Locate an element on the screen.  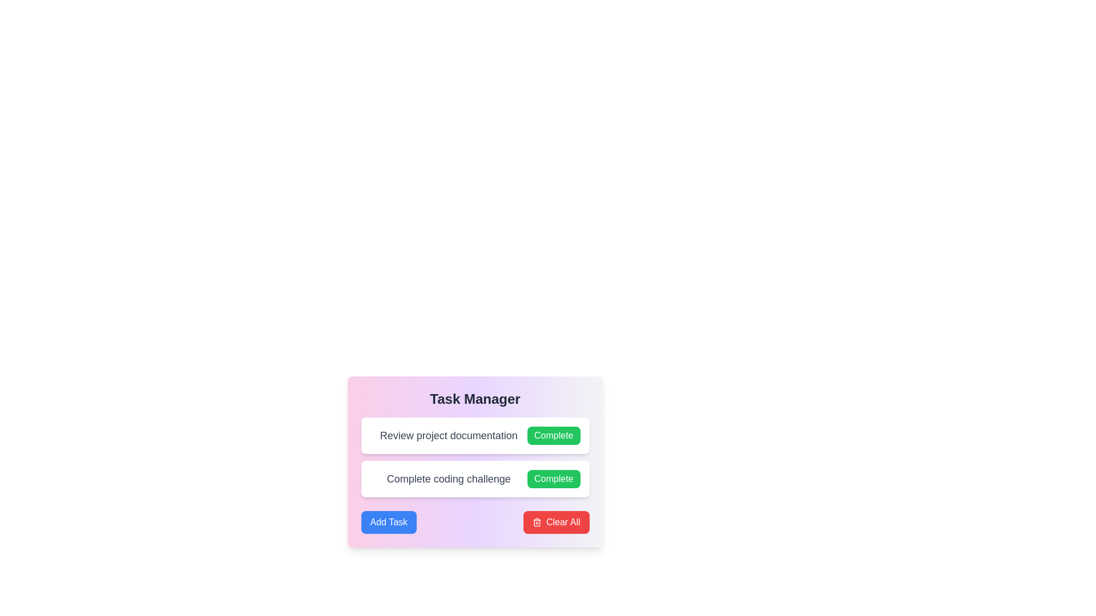
the trash icon within the 'Clear All' button located in the bottom-right corner of the task manager card is located at coordinates (536, 522).